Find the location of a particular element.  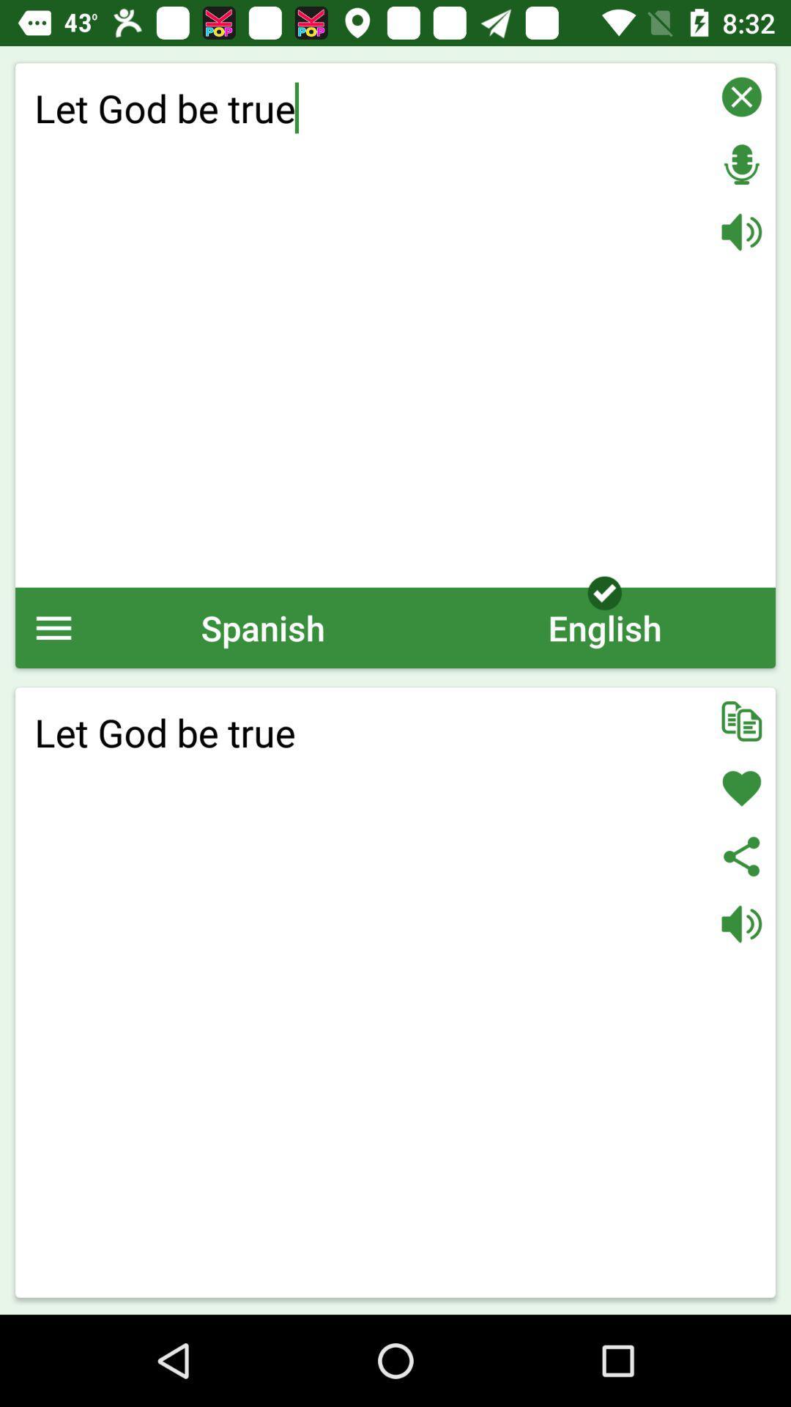

cancel or close is located at coordinates (741, 96).